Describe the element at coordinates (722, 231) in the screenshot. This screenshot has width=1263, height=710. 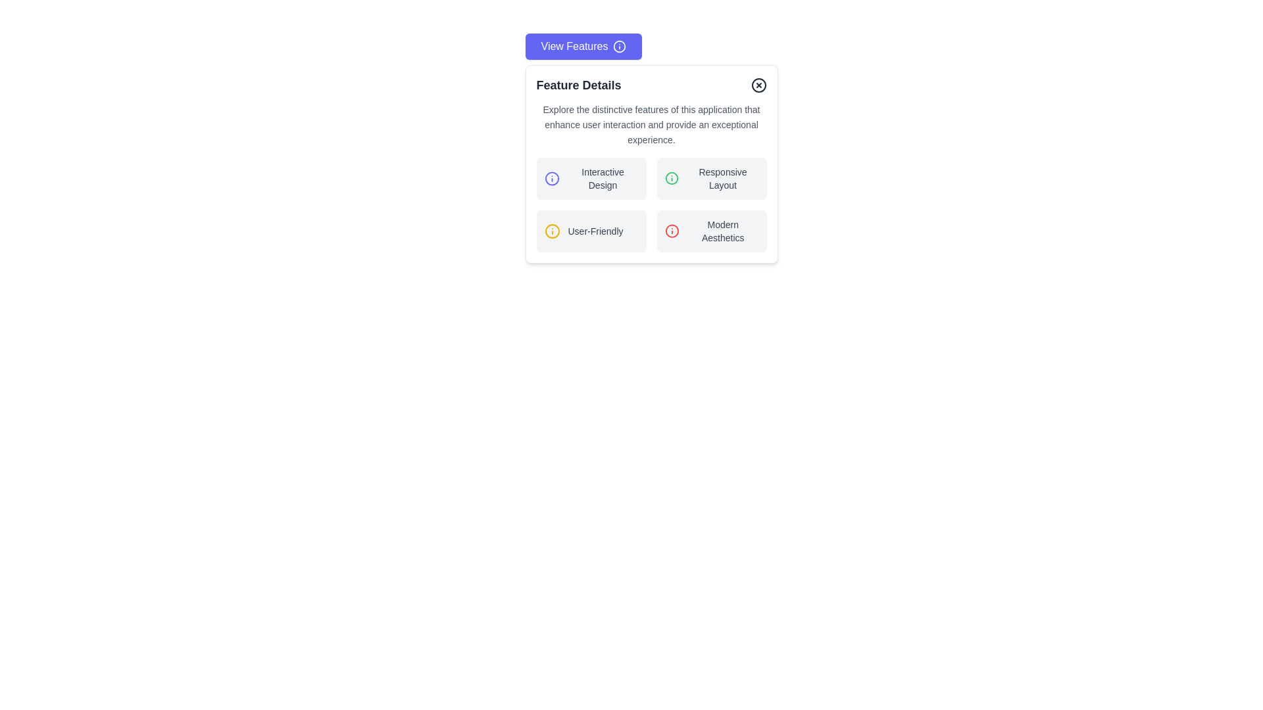
I see `the static text label that describes the 'Modern Aesthetics' feature, located in the bottom-right area of the grid layout, aligned to the right of 'User-Friendly' and below 'Interactive Design'` at that location.